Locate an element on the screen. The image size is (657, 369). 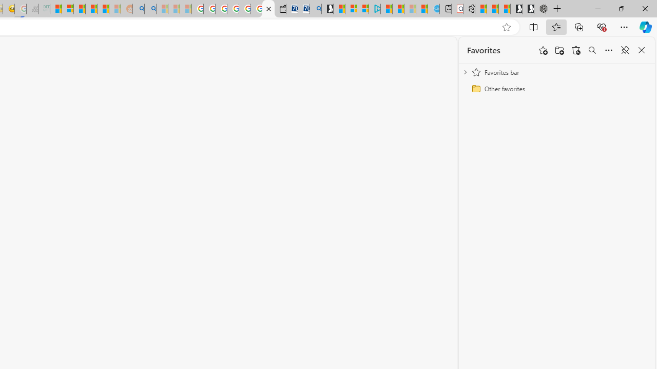
'DITOGAMES AG Imprint - Sleeping' is located at coordinates (44, 9).